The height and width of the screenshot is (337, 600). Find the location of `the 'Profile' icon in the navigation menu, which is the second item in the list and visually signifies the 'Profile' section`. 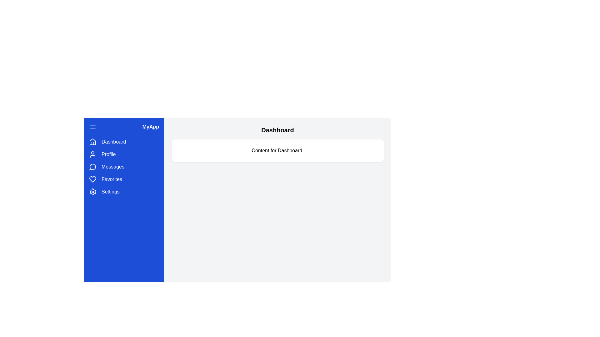

the 'Profile' icon in the navigation menu, which is the second item in the list and visually signifies the 'Profile' section is located at coordinates (92, 154).